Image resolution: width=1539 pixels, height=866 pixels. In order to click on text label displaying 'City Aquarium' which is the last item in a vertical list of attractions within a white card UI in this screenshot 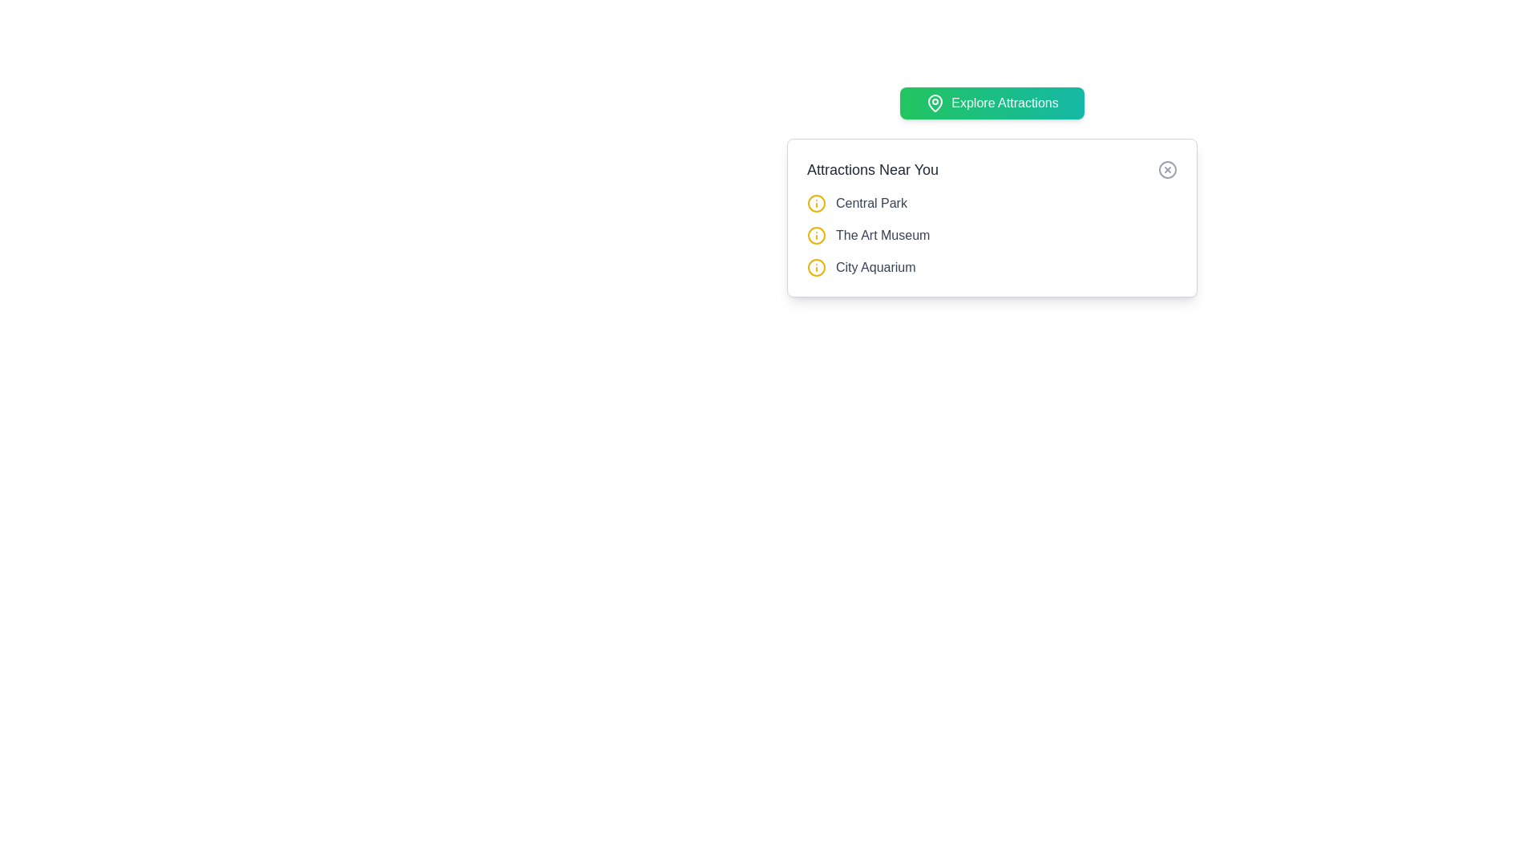, I will do `click(875, 267)`.